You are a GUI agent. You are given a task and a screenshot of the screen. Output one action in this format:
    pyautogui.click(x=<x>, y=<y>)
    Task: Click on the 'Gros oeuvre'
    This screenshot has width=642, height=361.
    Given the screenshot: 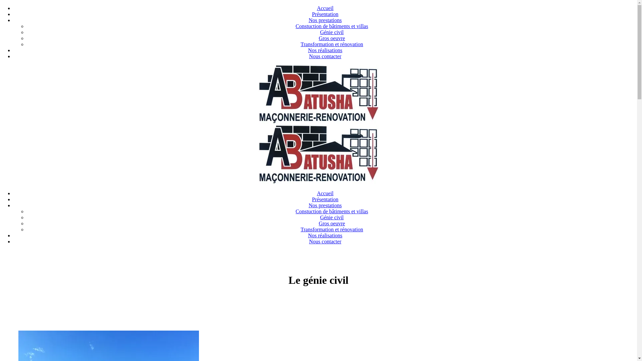 What is the action you would take?
    pyautogui.click(x=318, y=223)
    